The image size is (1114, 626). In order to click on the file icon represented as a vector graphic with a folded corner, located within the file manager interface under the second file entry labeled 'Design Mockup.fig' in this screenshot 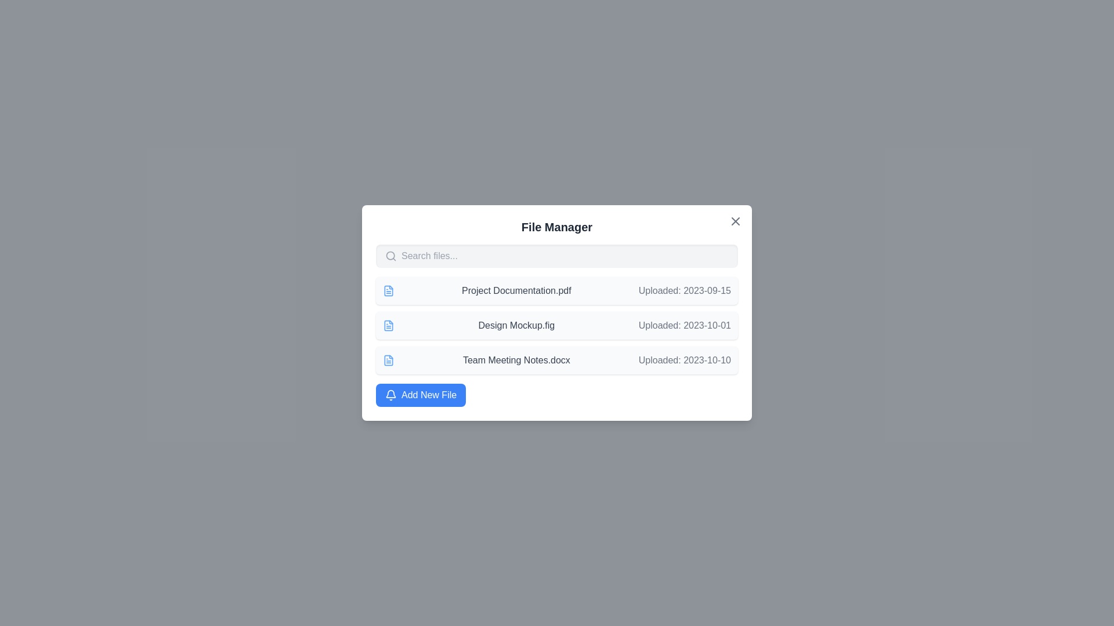, I will do `click(389, 290)`.